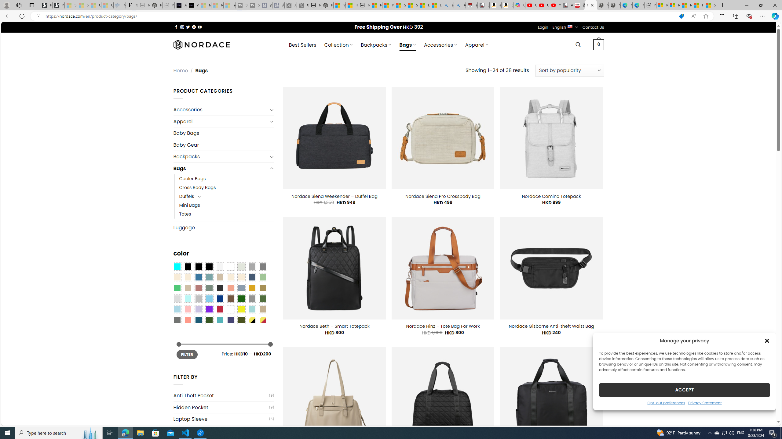  What do you see at coordinates (241, 309) in the screenshot?
I see `'Yellow'` at bounding box center [241, 309].